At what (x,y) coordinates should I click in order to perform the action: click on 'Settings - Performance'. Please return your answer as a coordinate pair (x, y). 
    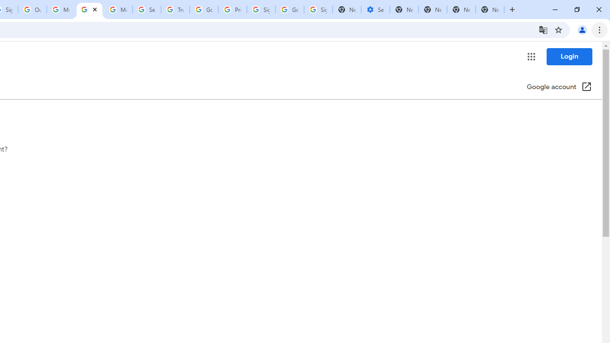
    Looking at the image, I should click on (375, 10).